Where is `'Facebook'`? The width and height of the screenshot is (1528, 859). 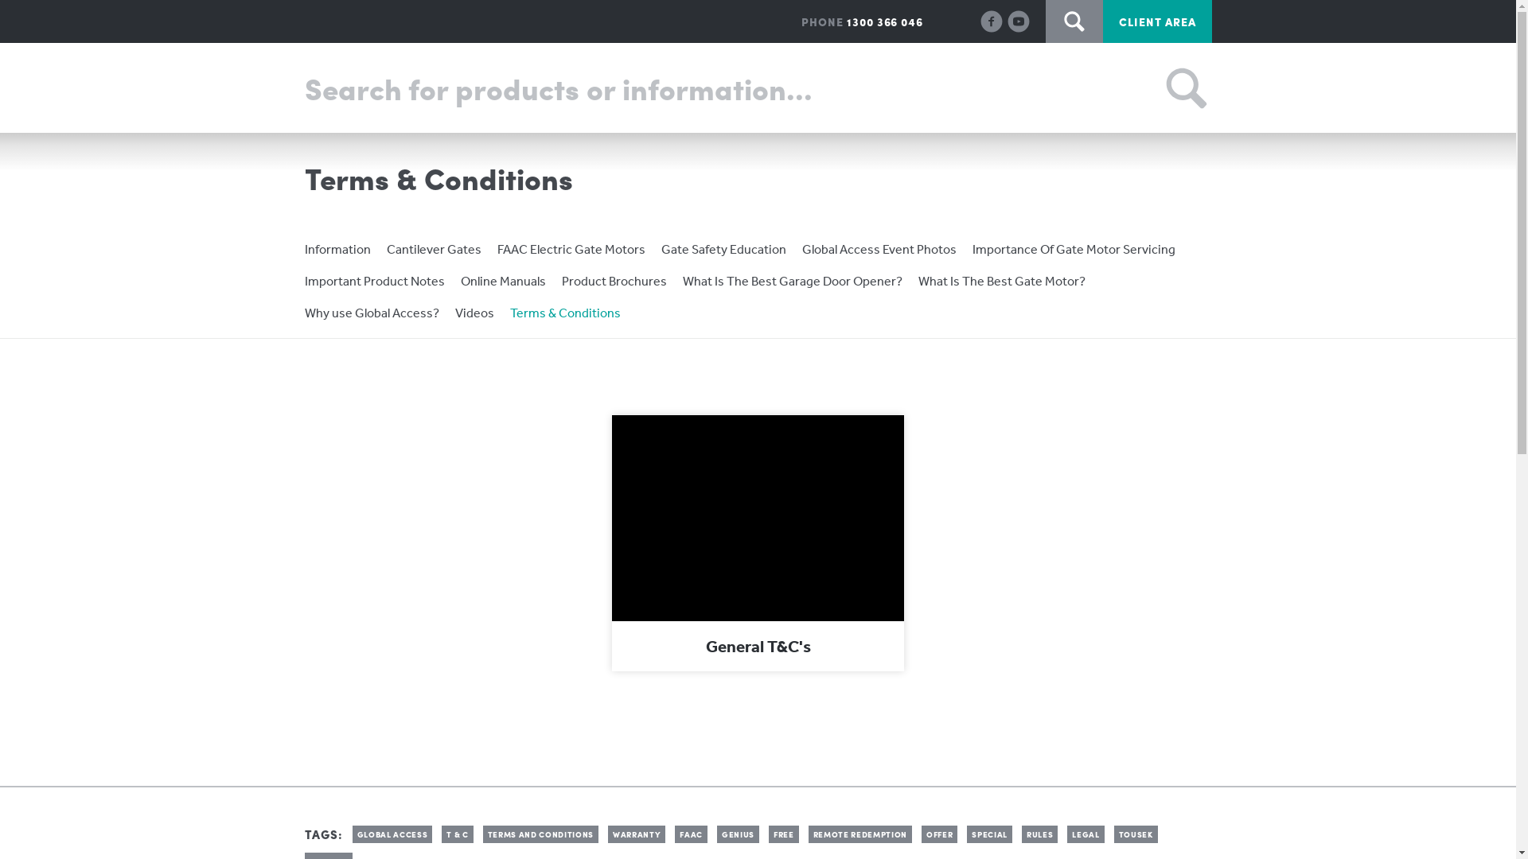 'Facebook' is located at coordinates (991, 19).